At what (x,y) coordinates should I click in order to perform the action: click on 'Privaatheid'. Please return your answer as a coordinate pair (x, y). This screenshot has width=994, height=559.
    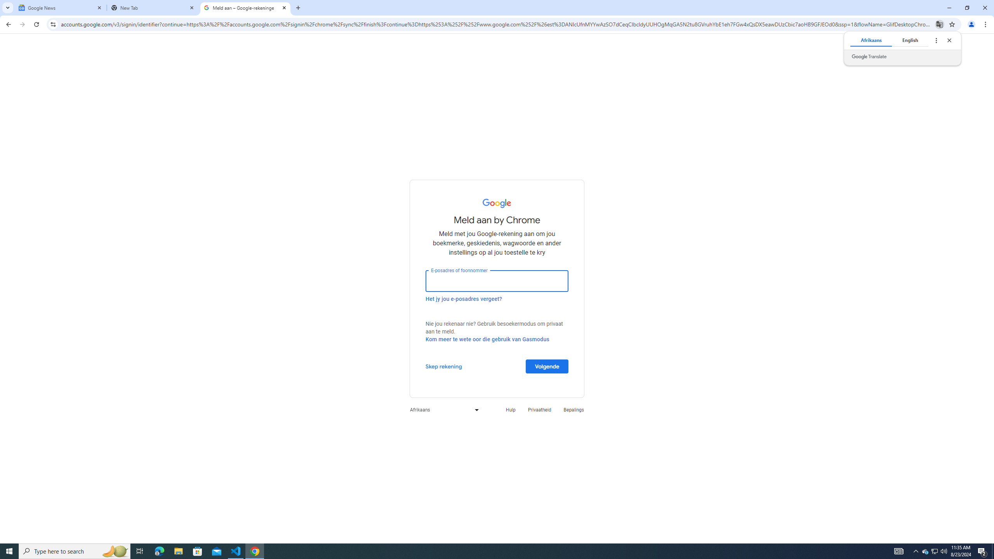
    Looking at the image, I should click on (540, 409).